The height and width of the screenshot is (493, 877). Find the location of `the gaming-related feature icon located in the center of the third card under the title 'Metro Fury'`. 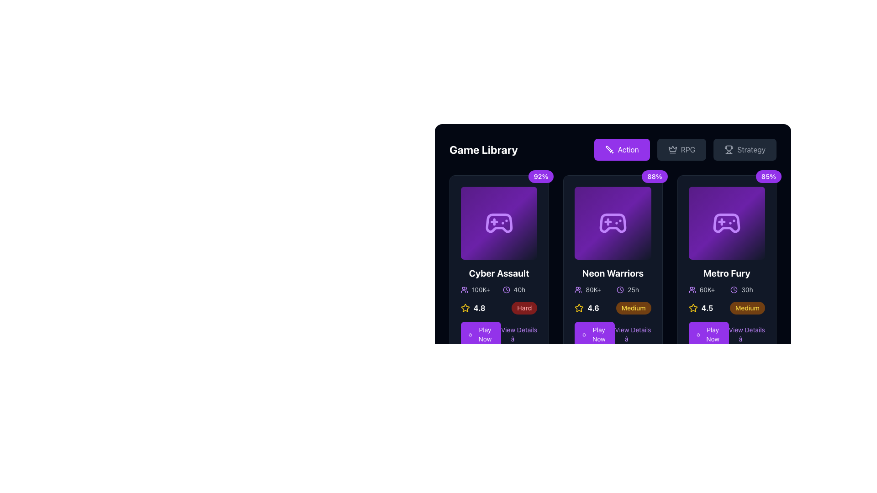

the gaming-related feature icon located in the center of the third card under the title 'Metro Fury' is located at coordinates (726, 223).